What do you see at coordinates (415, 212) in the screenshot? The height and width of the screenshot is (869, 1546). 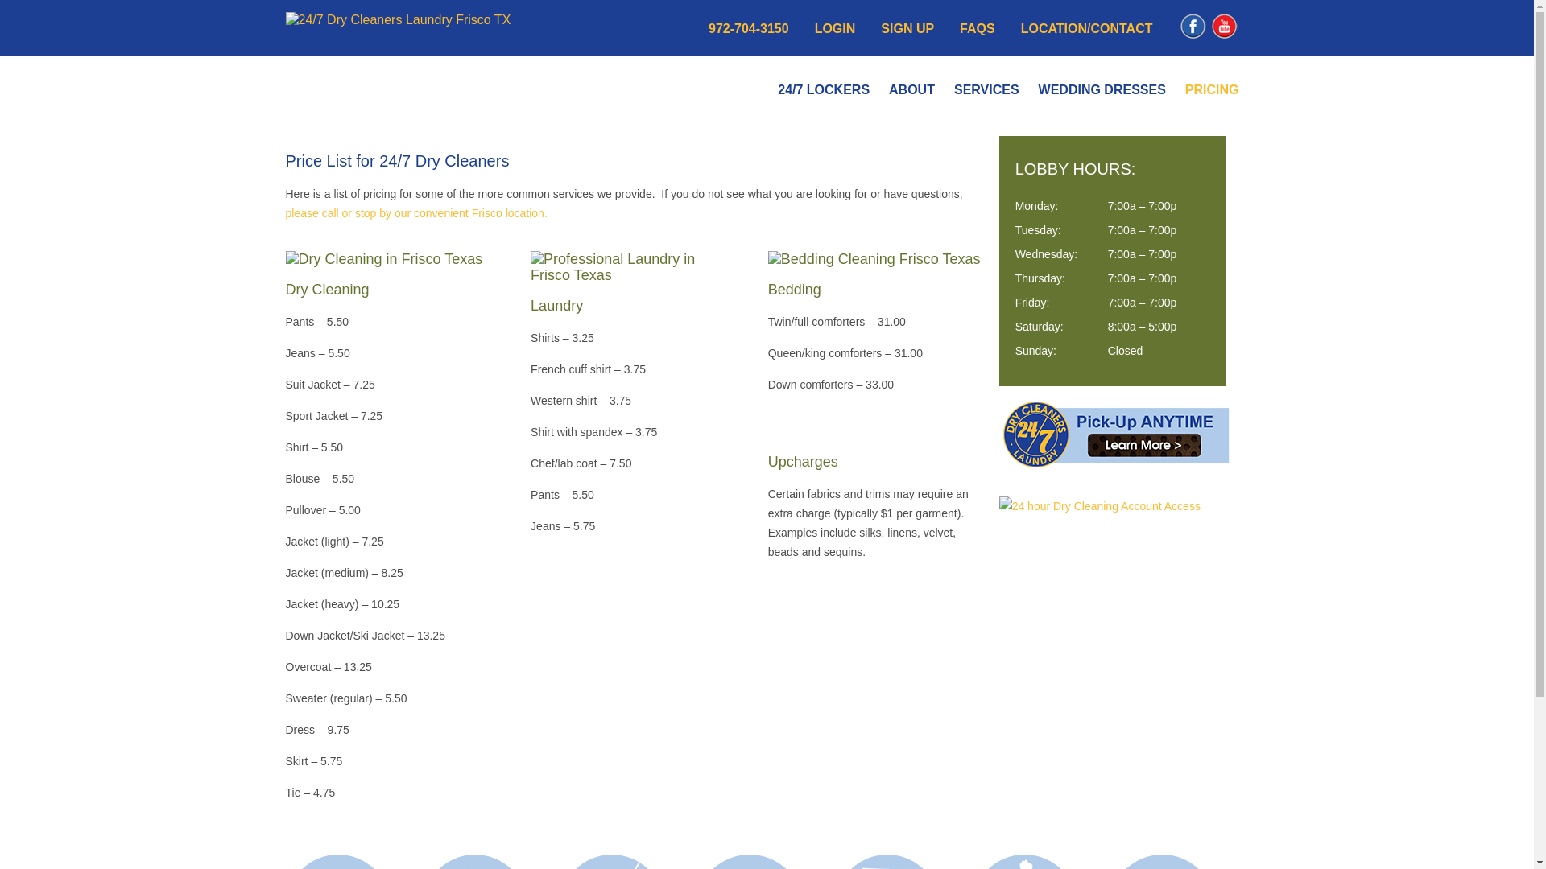 I see `'please call or stop by our convenient Frisco location.'` at bounding box center [415, 212].